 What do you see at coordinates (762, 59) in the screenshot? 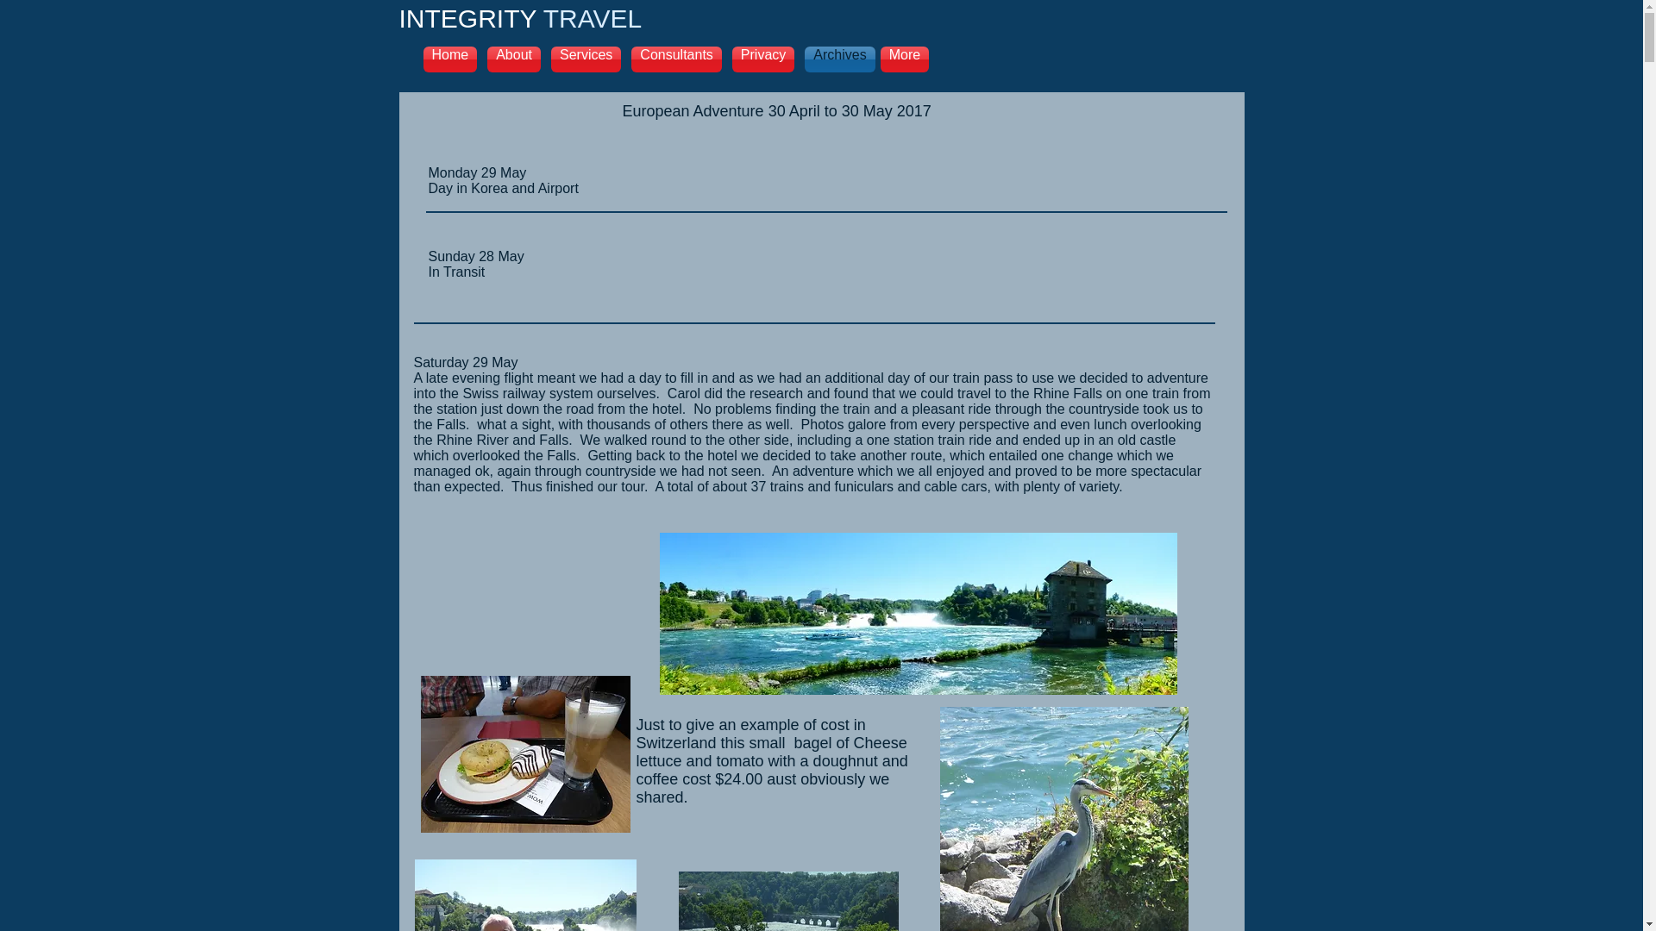
I see `'Privacy'` at bounding box center [762, 59].